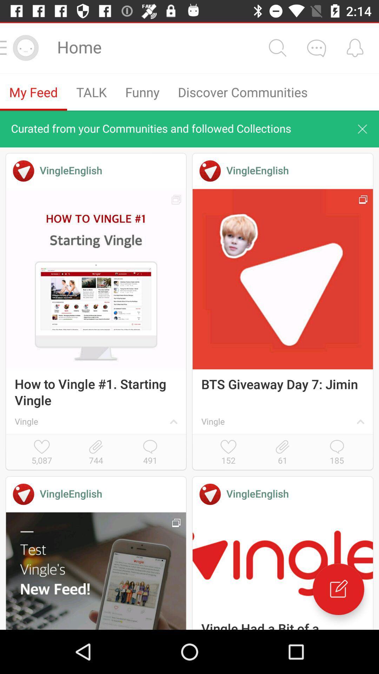 The image size is (379, 674). Describe the element at coordinates (228, 453) in the screenshot. I see `the item next to the 61 item` at that location.